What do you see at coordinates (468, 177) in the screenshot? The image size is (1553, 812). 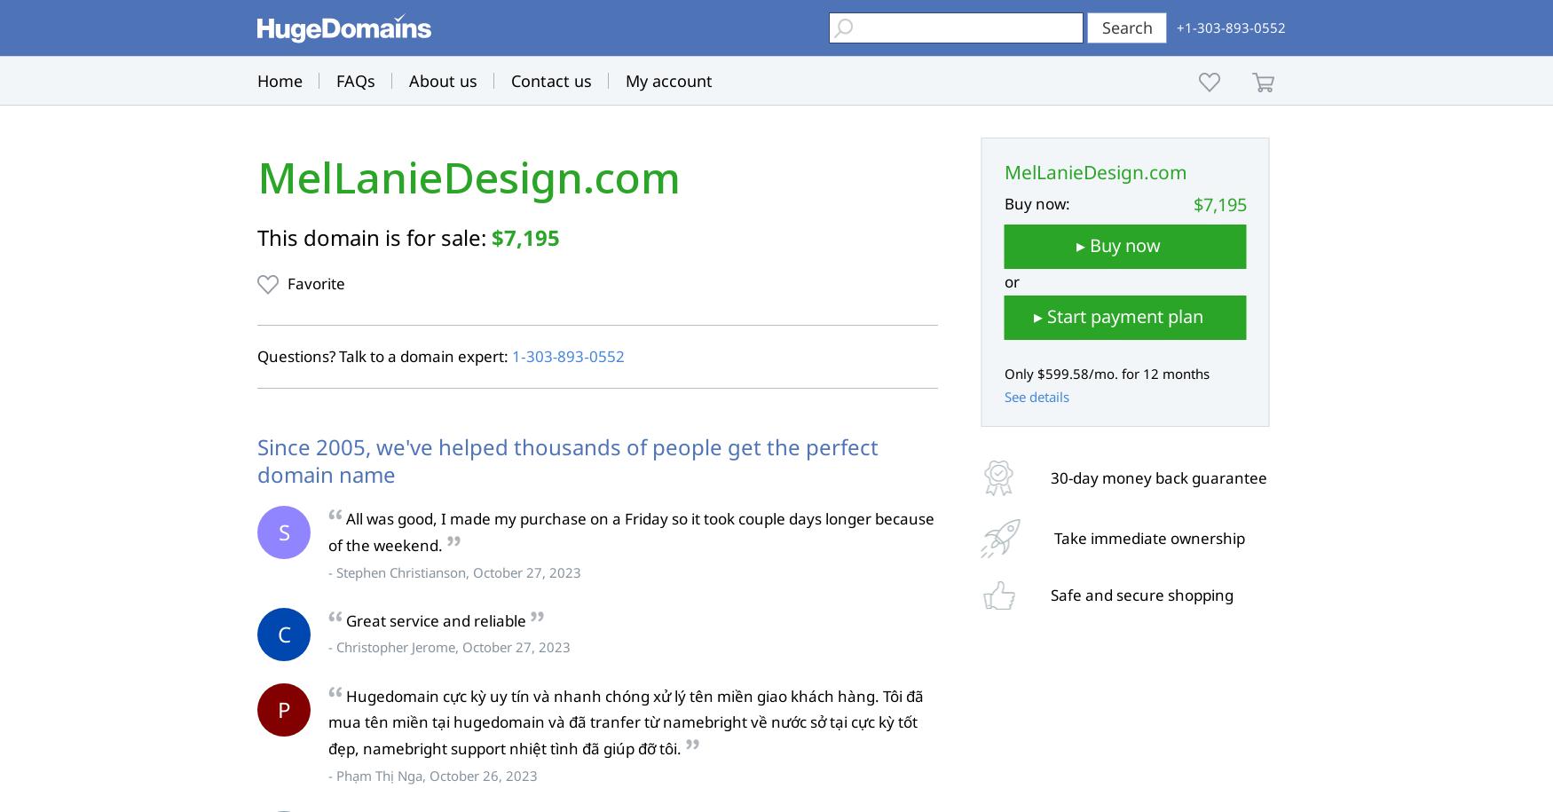 I see `'MelLanieDesign.com'` at bounding box center [468, 177].